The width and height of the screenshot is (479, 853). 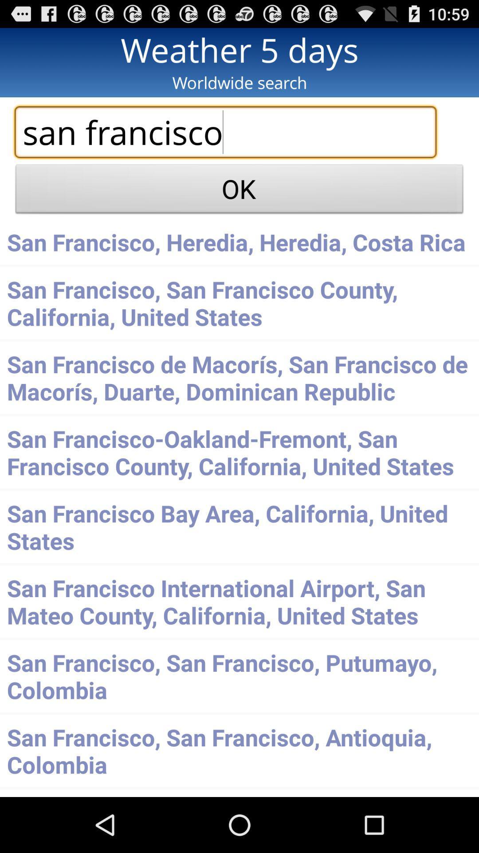 What do you see at coordinates (239, 191) in the screenshot?
I see `ok` at bounding box center [239, 191].